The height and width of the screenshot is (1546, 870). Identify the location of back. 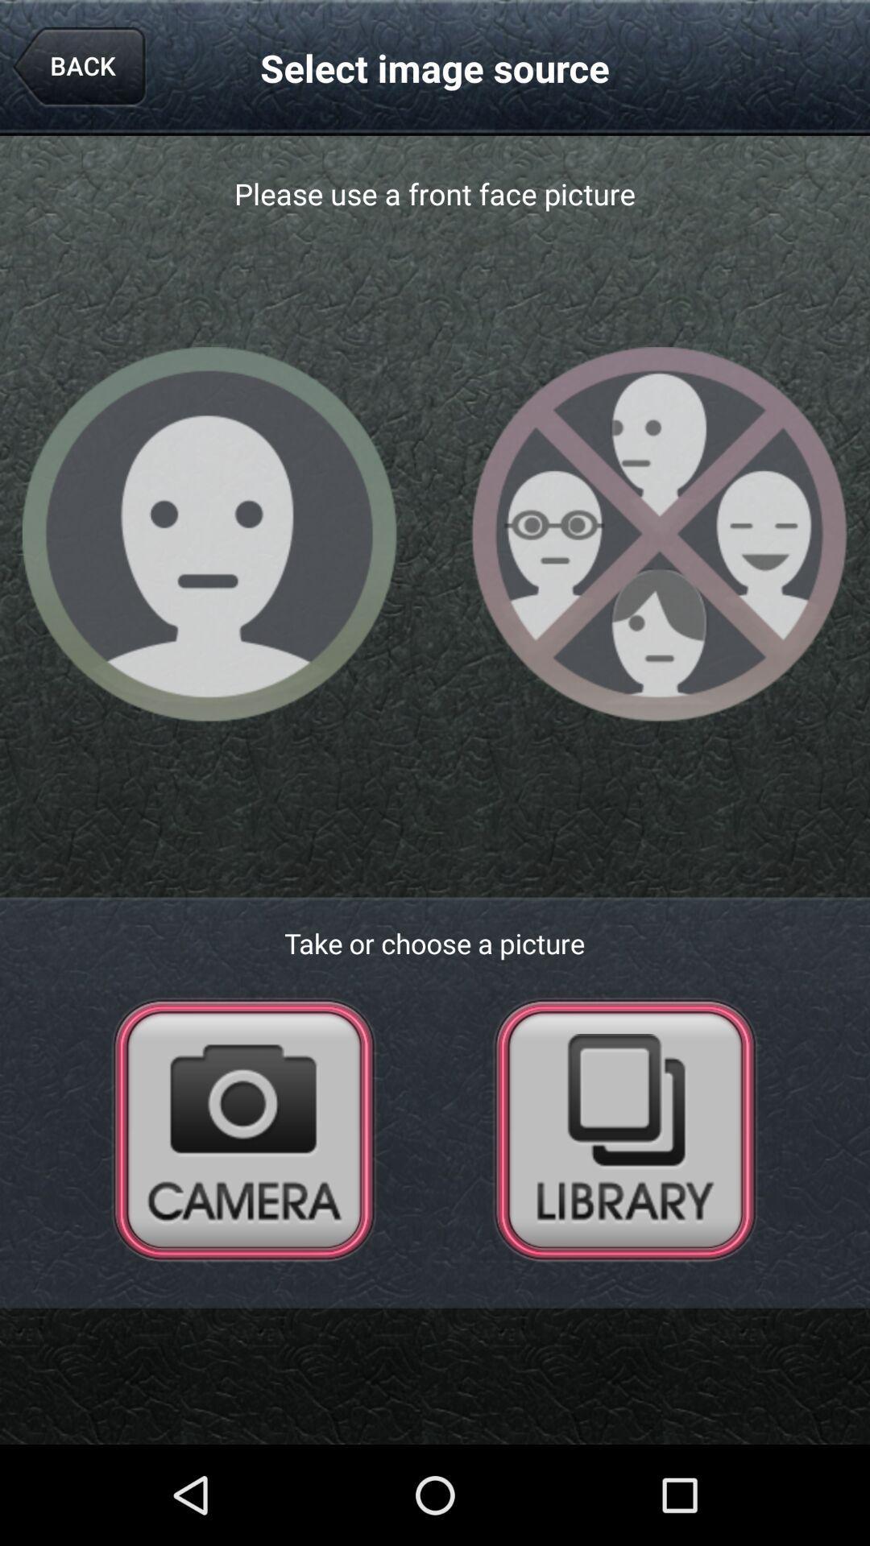
(78, 67).